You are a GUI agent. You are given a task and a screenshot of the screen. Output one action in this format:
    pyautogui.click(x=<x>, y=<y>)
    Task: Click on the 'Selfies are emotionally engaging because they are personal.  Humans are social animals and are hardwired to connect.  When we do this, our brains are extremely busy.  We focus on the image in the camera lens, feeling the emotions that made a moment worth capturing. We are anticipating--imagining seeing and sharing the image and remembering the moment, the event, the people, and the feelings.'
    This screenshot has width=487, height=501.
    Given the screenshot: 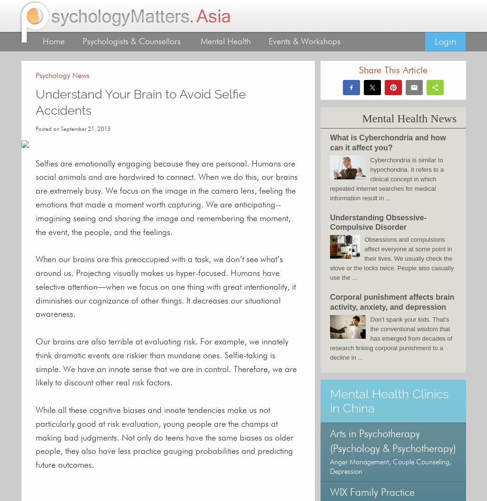 What is the action you would take?
    pyautogui.click(x=166, y=198)
    